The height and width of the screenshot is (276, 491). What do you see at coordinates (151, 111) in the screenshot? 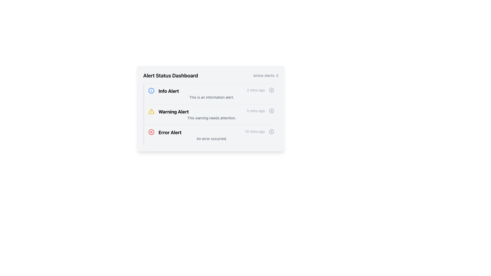
I see `the warning alert icon located in the second row of the alert list, which serves as a visual indicator for a warning alert` at bounding box center [151, 111].